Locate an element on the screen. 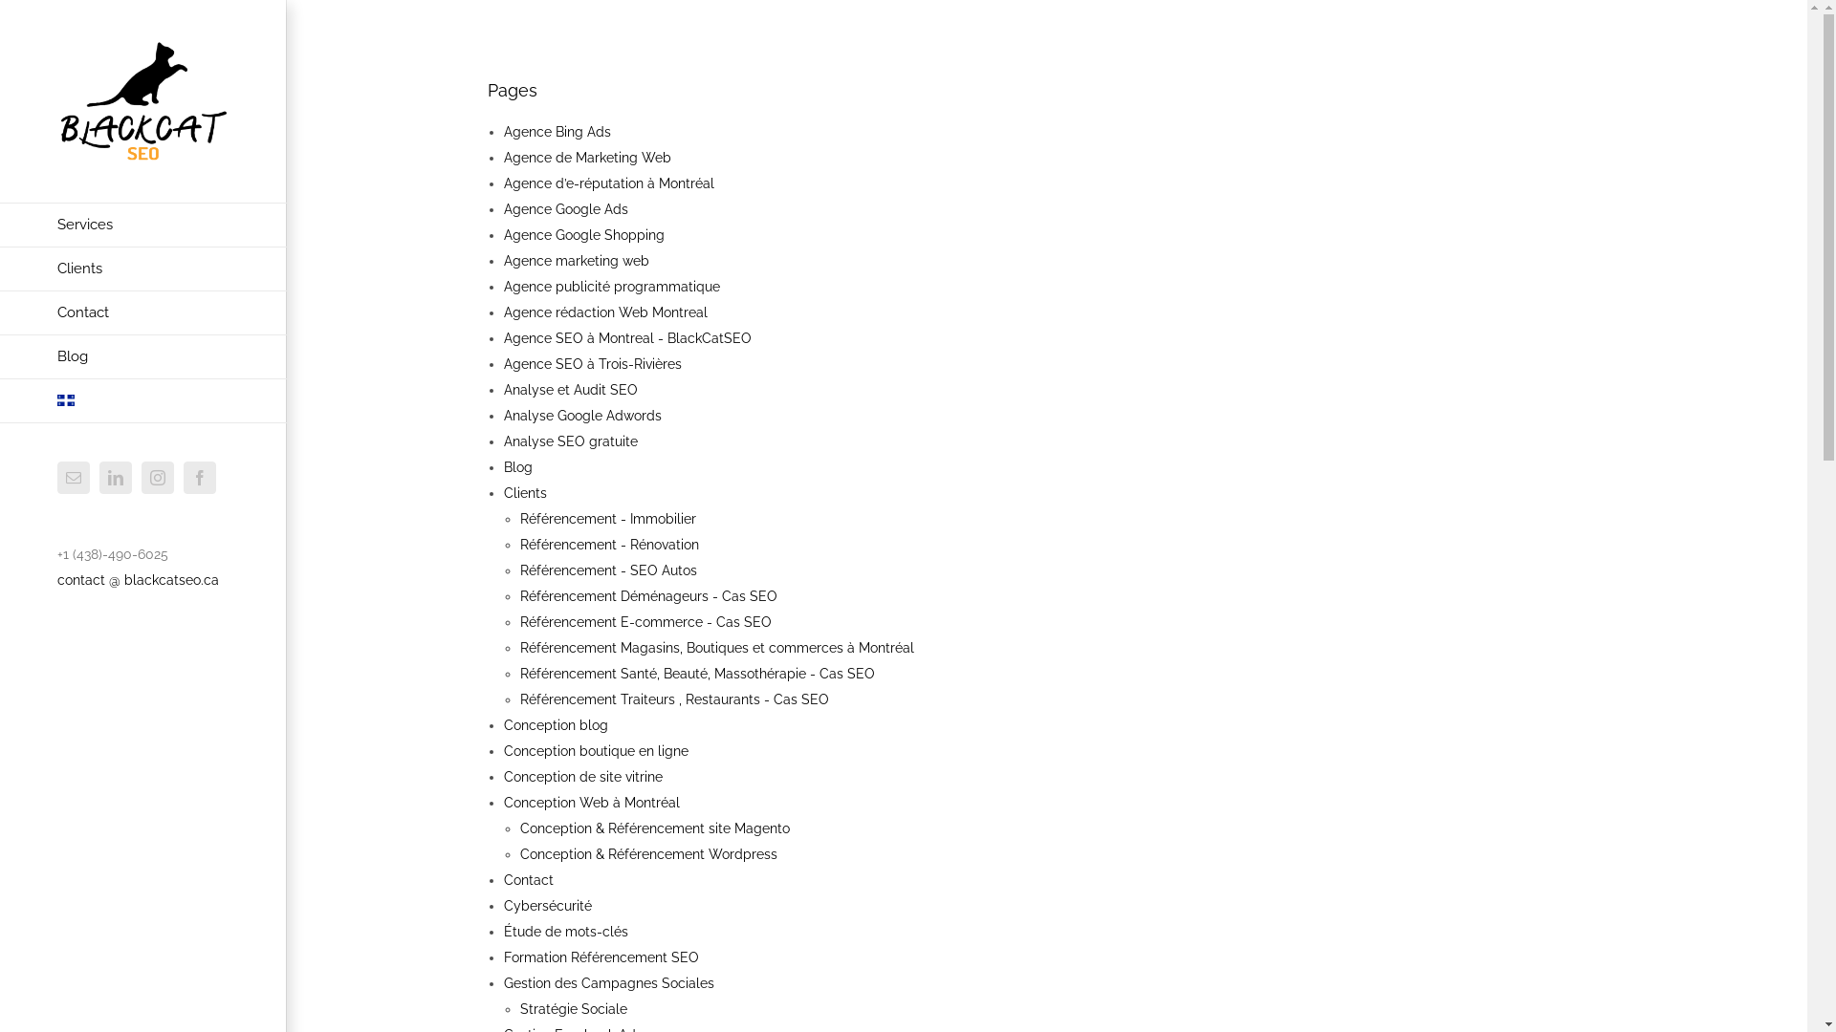  'Instagram' is located at coordinates (141, 477).